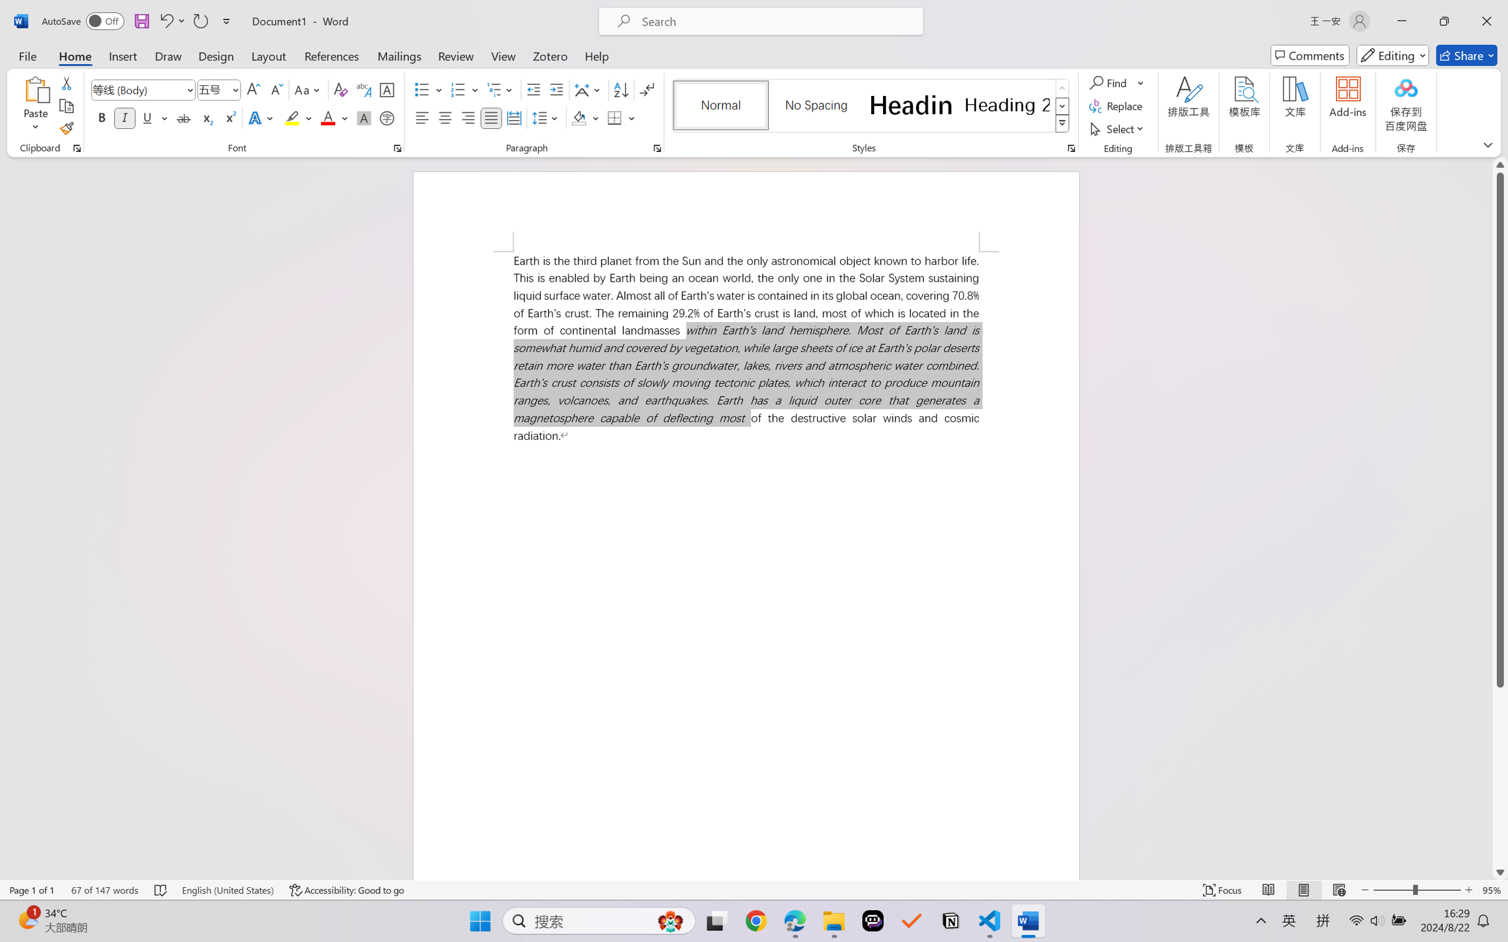  Describe the element at coordinates (444, 117) in the screenshot. I see `'Center'` at that location.